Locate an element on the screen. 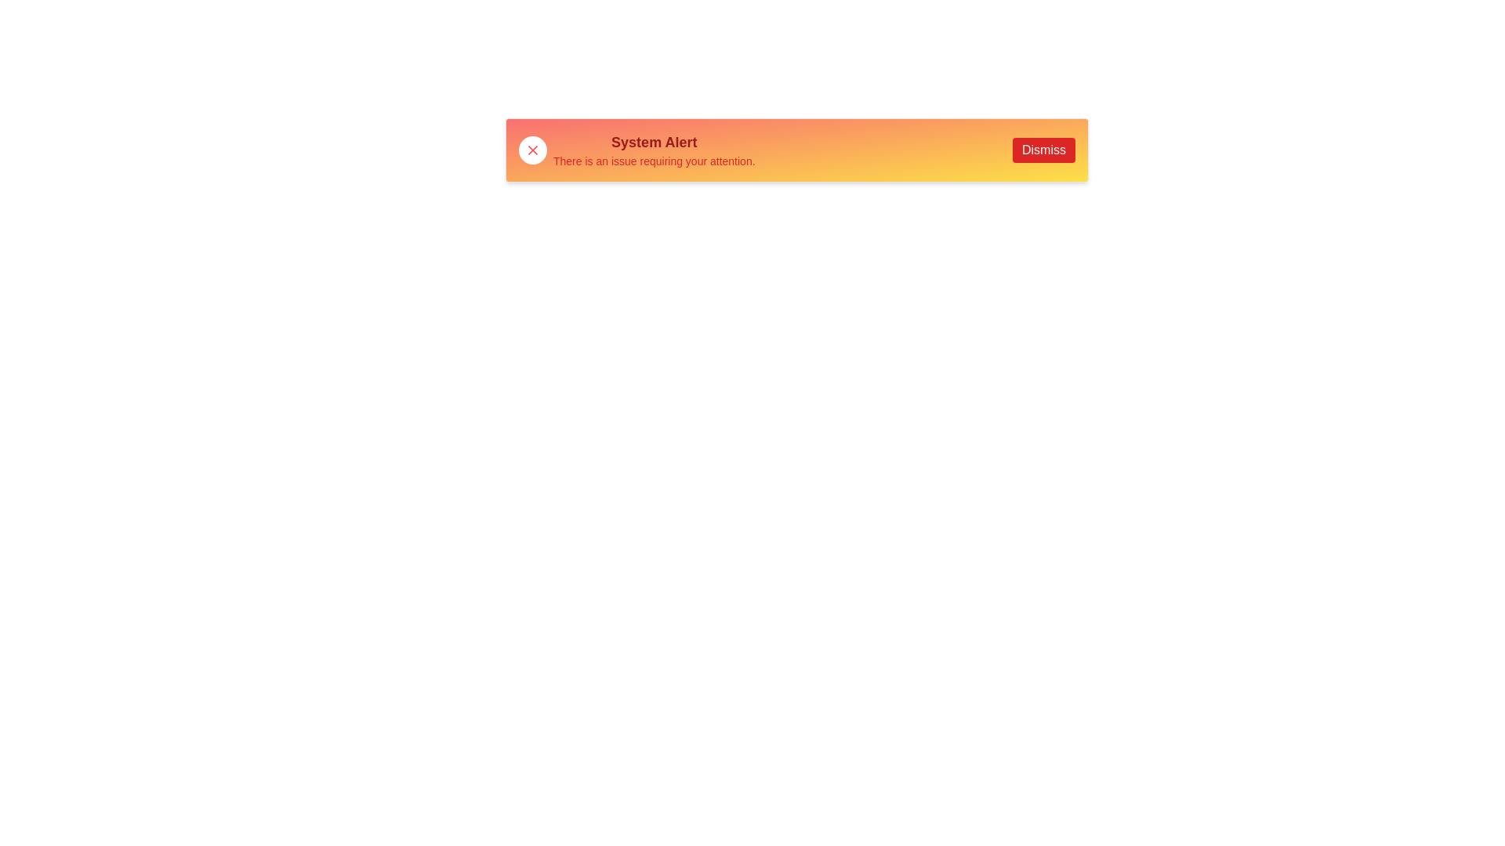 The height and width of the screenshot is (846, 1505). the top-right to bottom-left diagonal red line of the X icon located in the top-left corner of the alert box is located at coordinates (533, 150).